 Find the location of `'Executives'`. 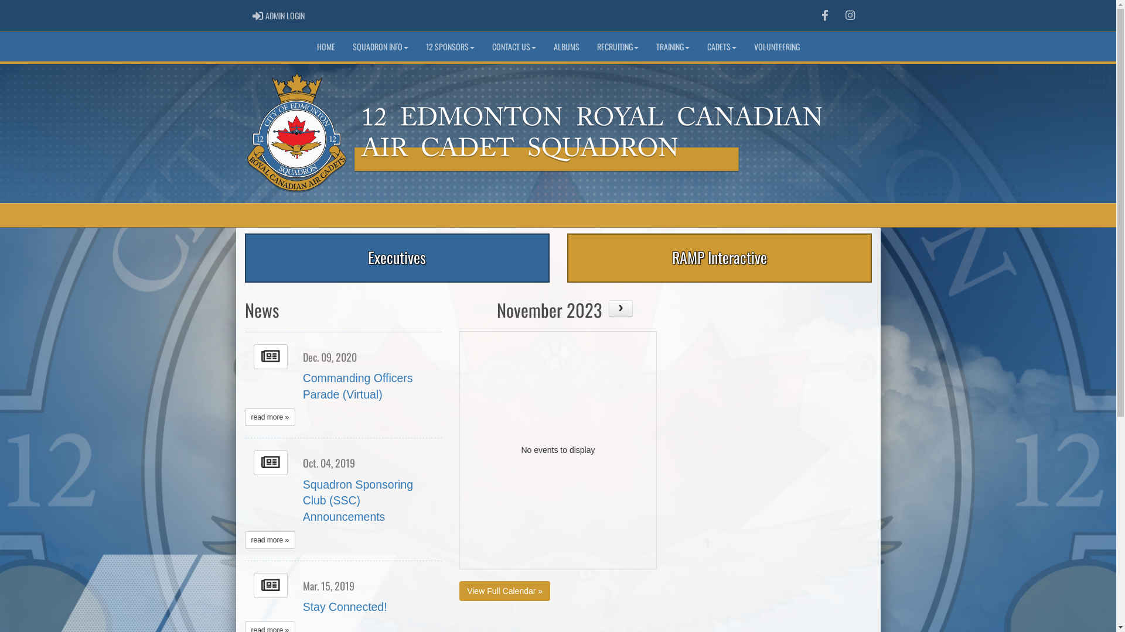

'Executives' is located at coordinates (397, 257).